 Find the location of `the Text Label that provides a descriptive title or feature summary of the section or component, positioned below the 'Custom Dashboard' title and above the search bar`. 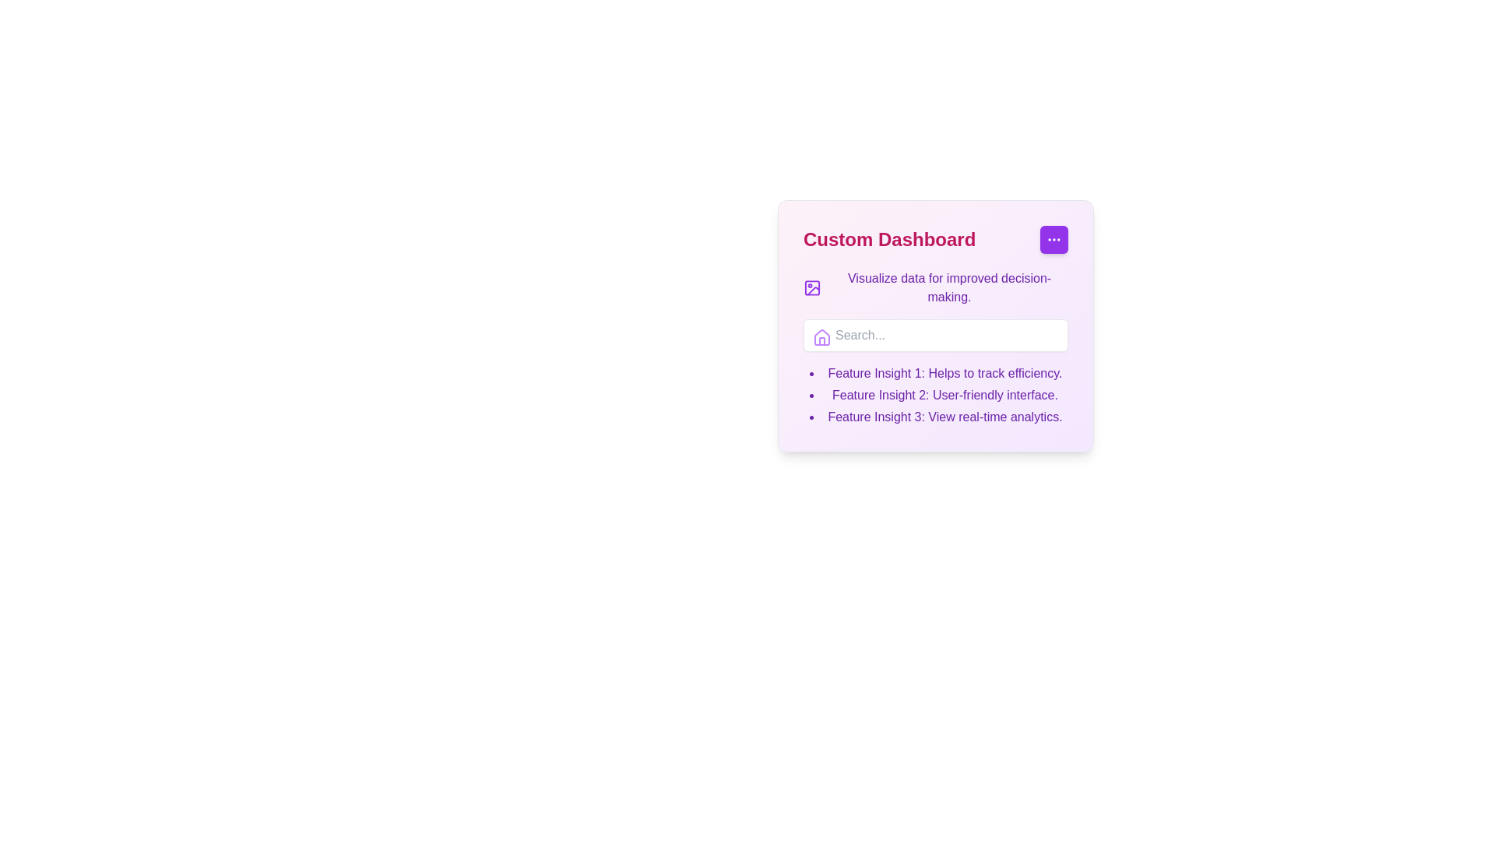

the Text Label that provides a descriptive title or feature summary of the section or component, positioned below the 'Custom Dashboard' title and above the search bar is located at coordinates (934, 288).